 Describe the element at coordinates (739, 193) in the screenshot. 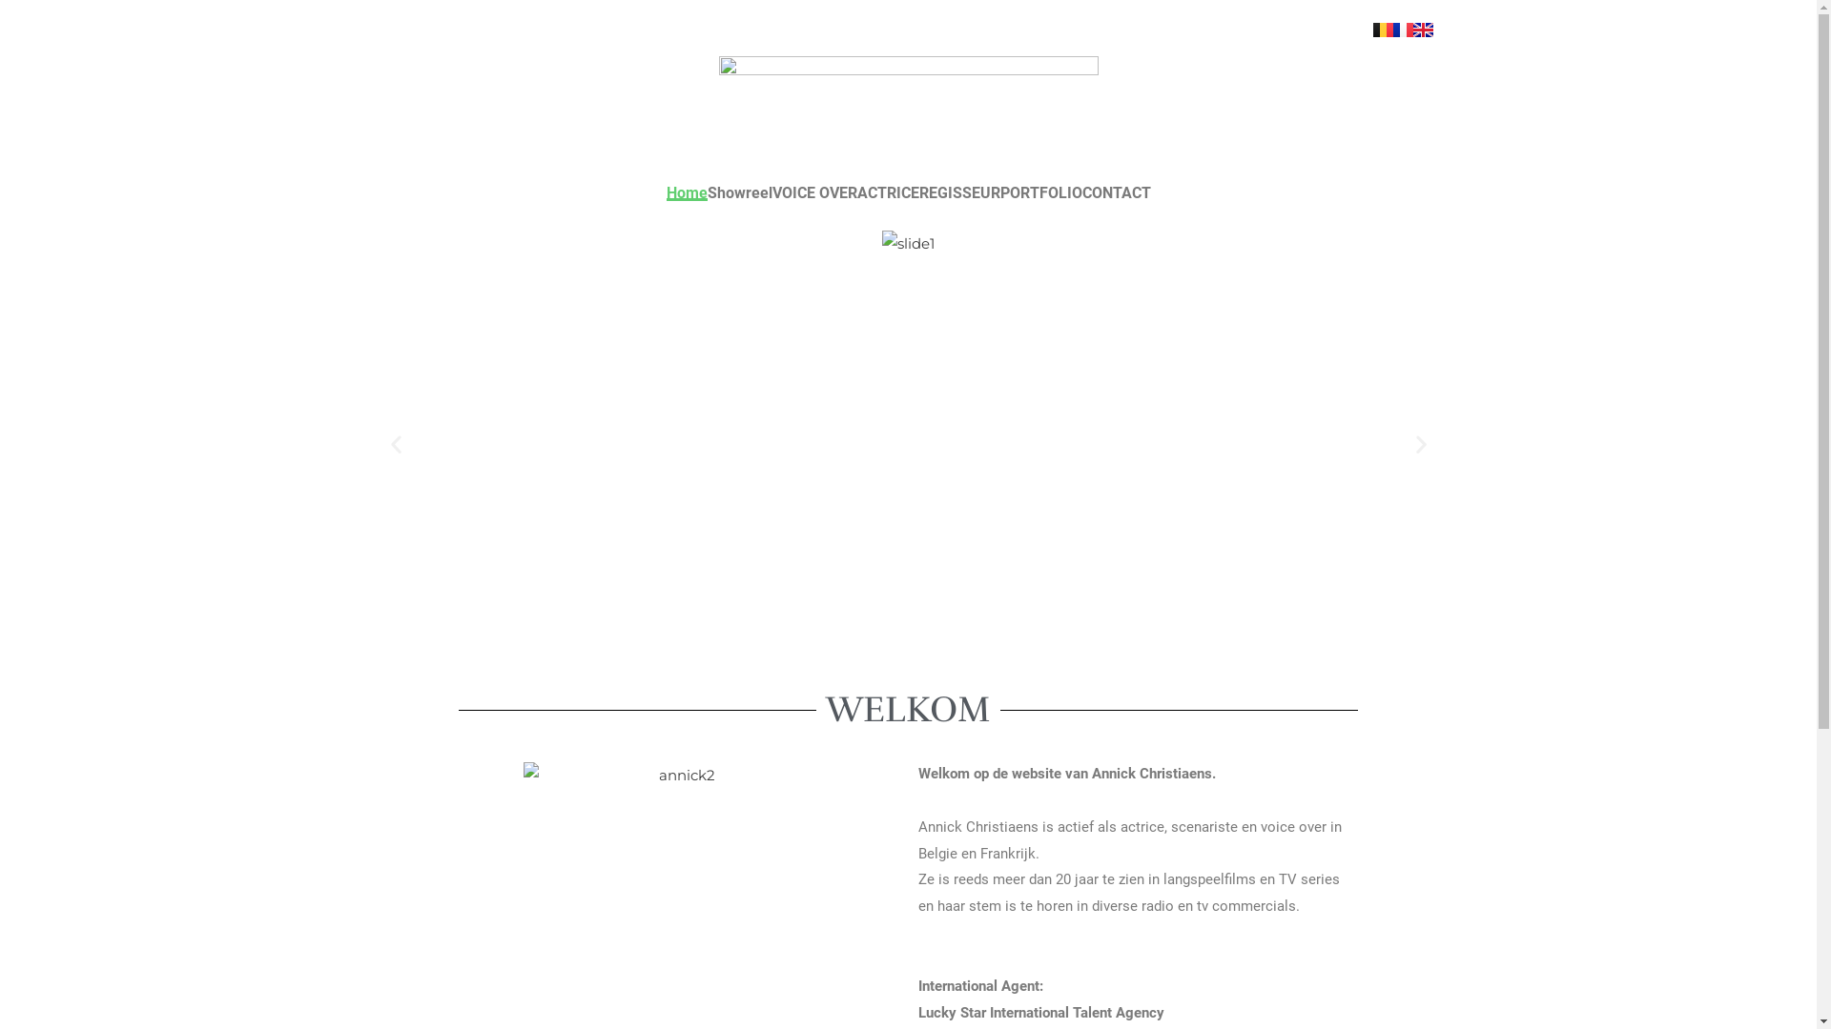

I see `'Showreel'` at that location.